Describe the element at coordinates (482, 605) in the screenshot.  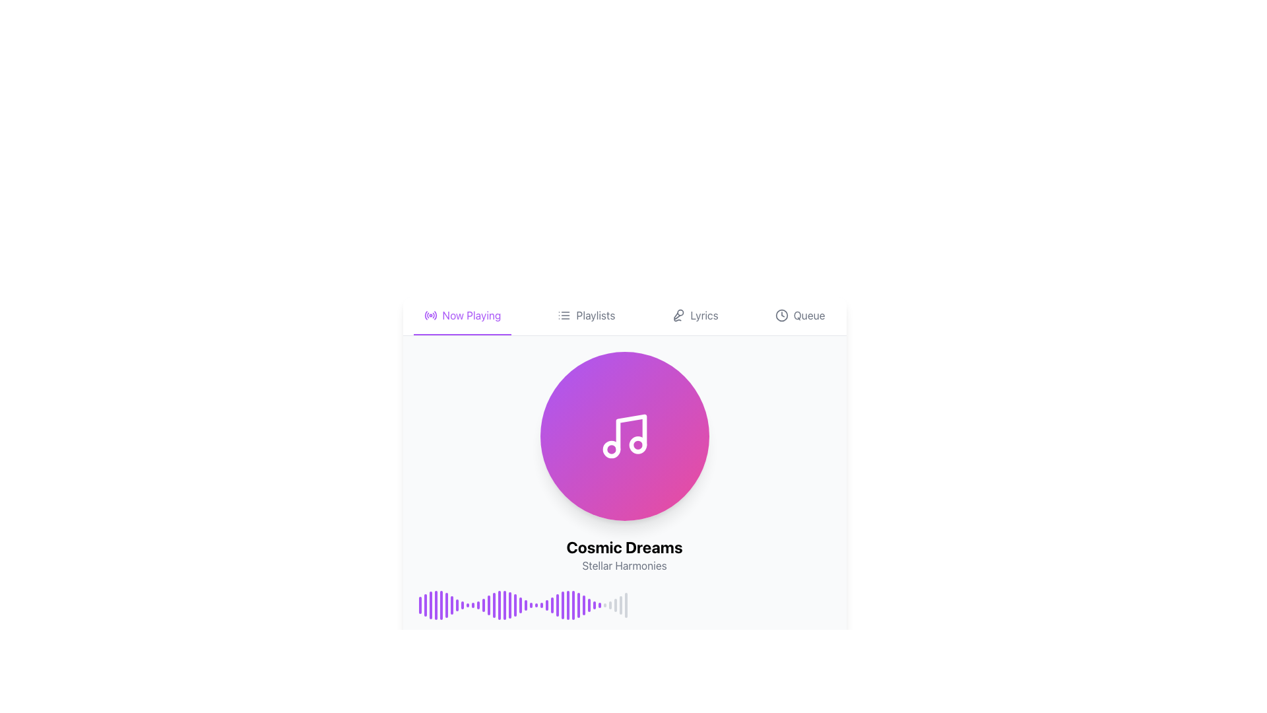
I see `the 13th waveform bar in the audio display, which visually represents a specific value or amplitude, located beneath the text description of the current song` at that location.